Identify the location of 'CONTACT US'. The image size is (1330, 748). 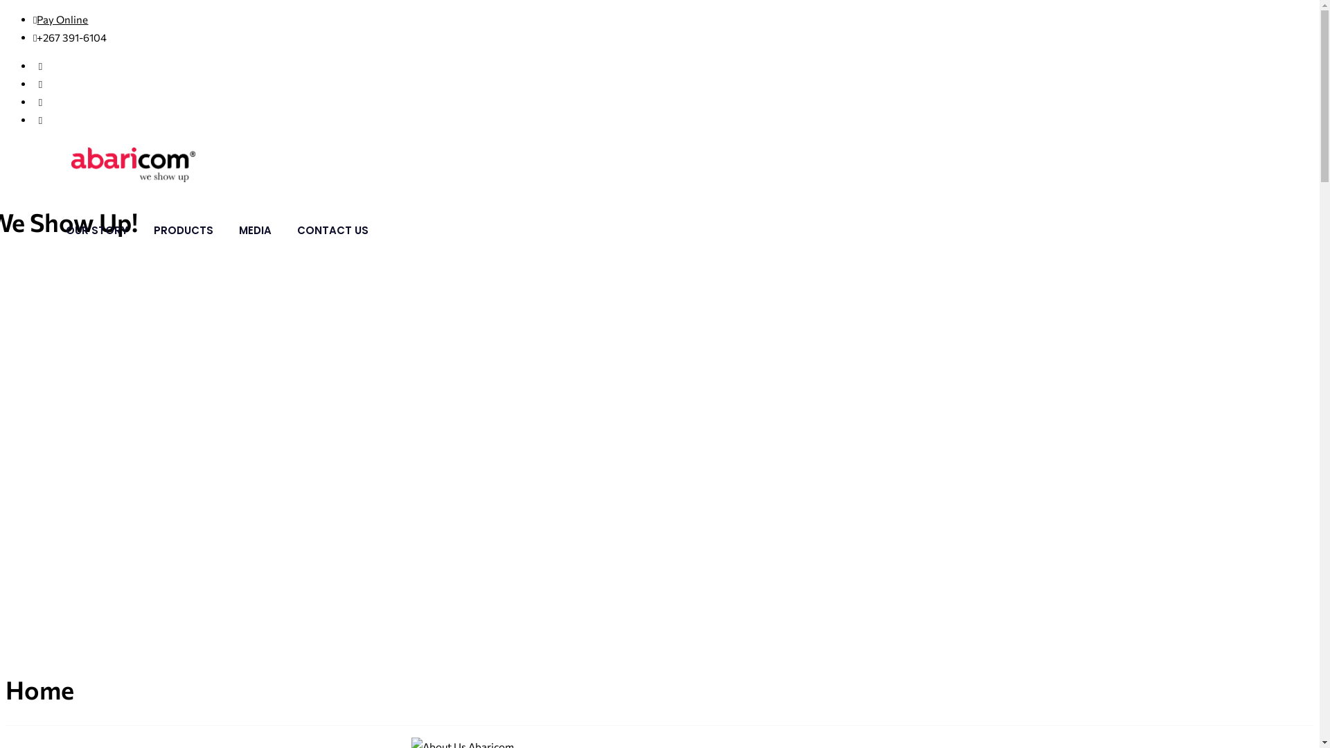
(332, 229).